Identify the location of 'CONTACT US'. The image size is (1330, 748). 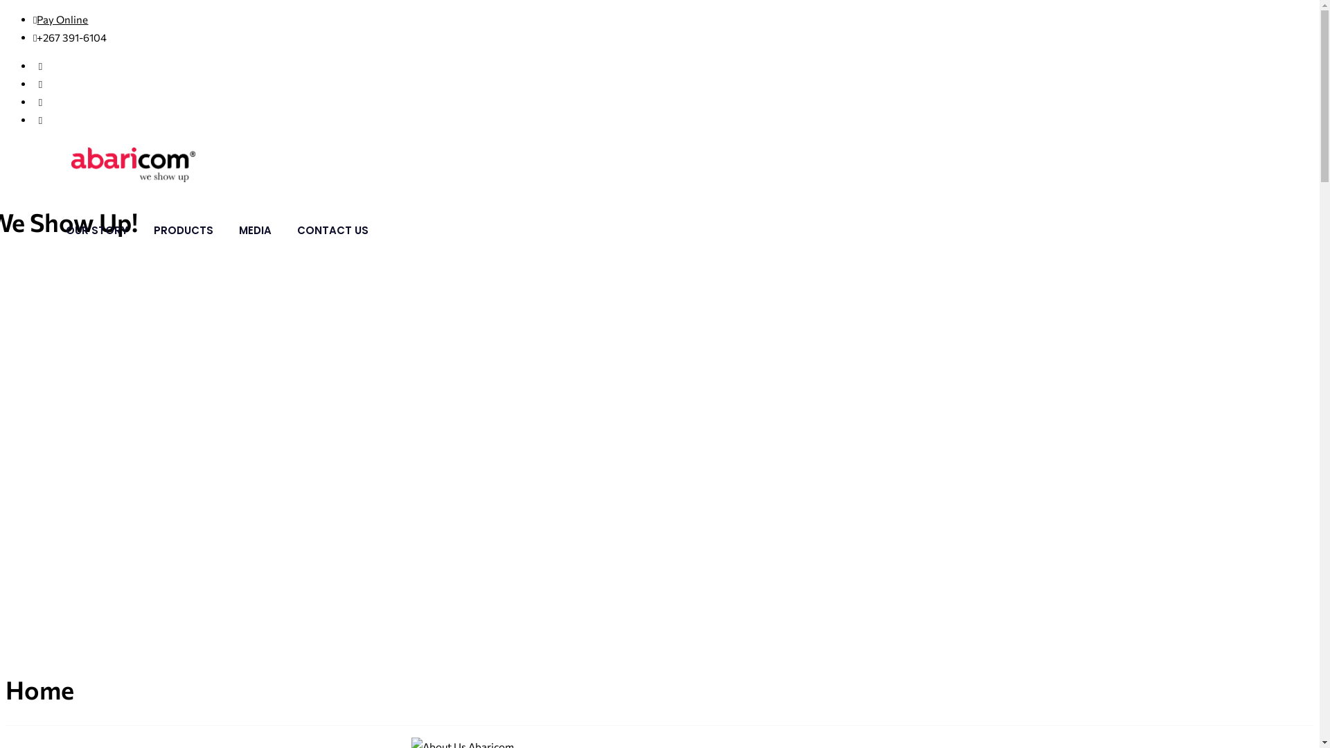
(332, 229).